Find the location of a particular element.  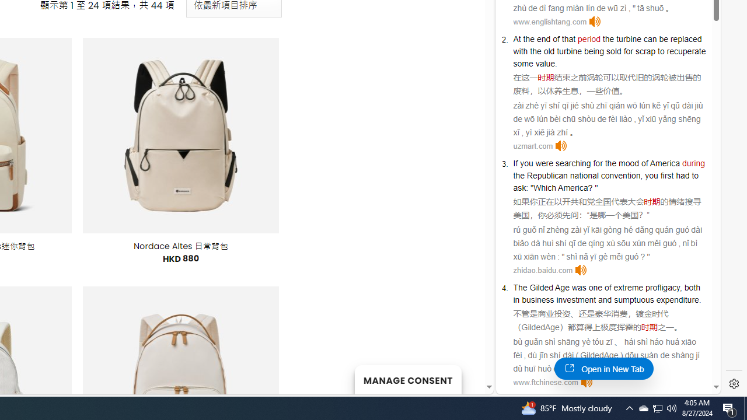

'convention' is located at coordinates (620, 175).